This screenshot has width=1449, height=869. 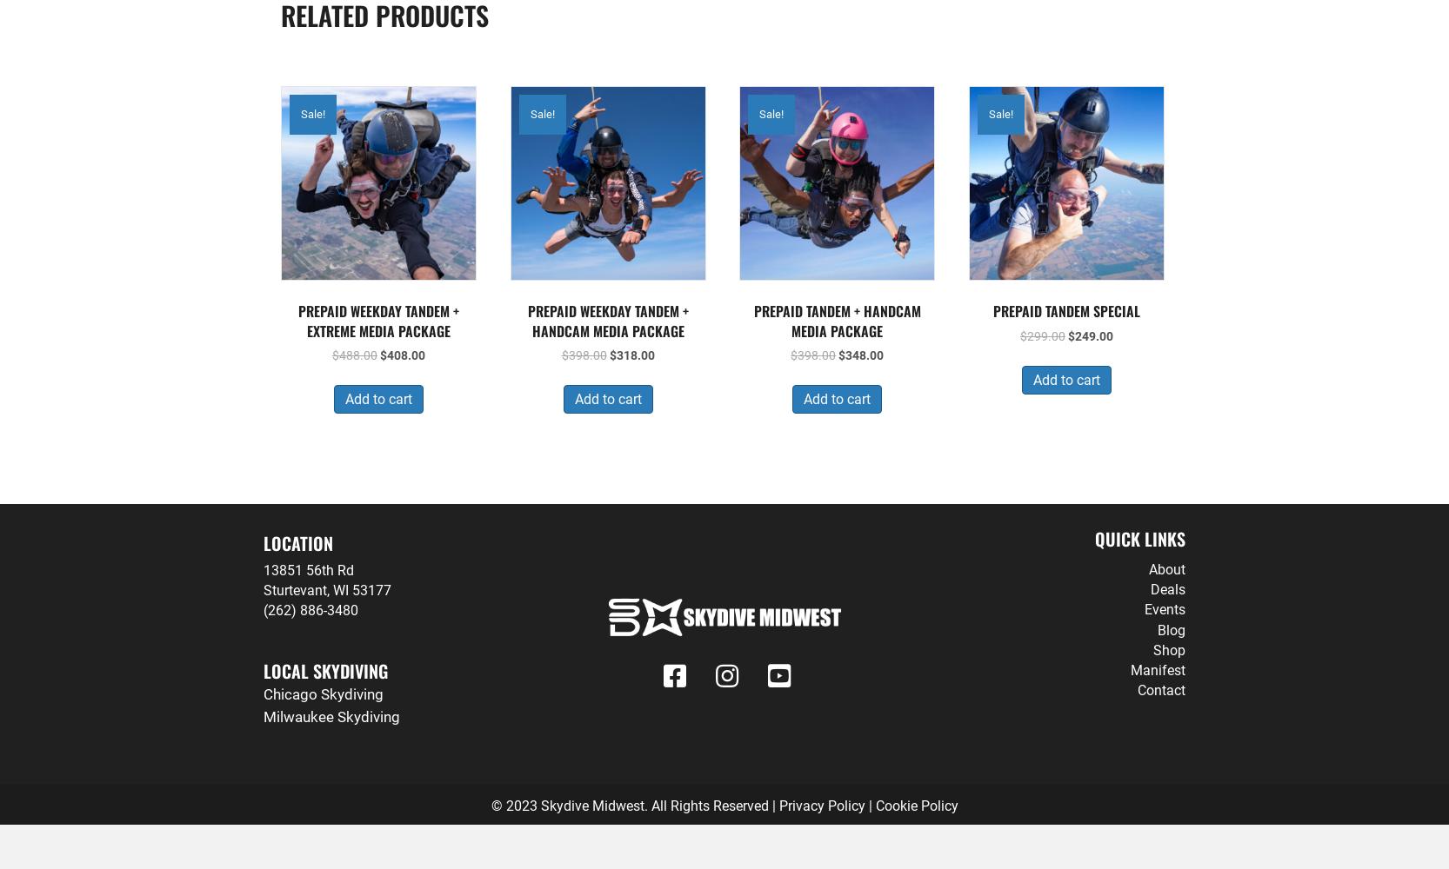 I want to click on '13851 56th Rd', so click(x=263, y=569).